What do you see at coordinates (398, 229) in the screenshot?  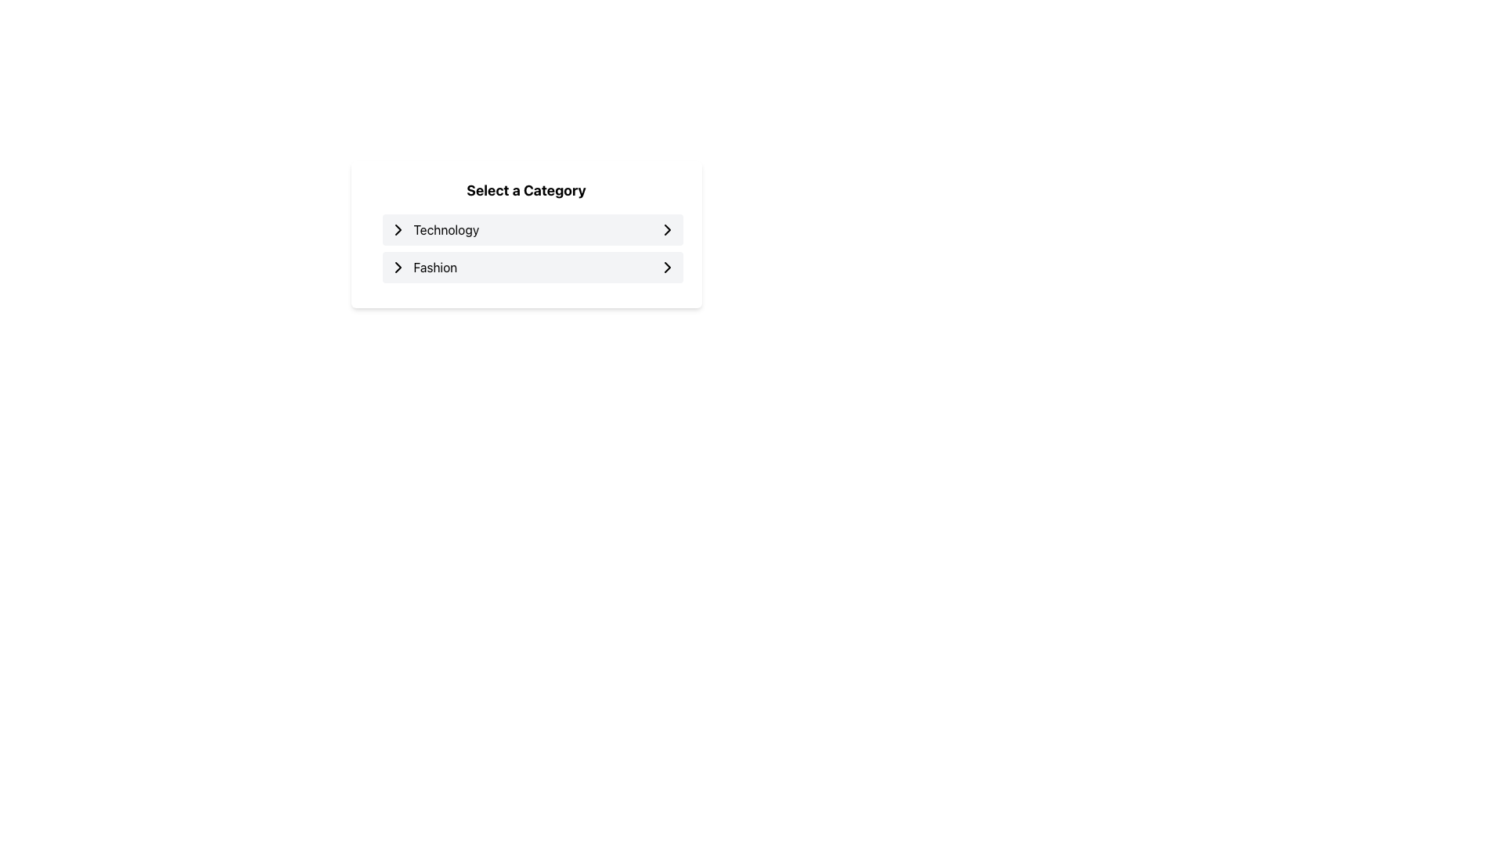 I see `the right-pointing chevron icon with a black stroke that indicates navigation, located to the left of the text 'Technology'` at bounding box center [398, 229].